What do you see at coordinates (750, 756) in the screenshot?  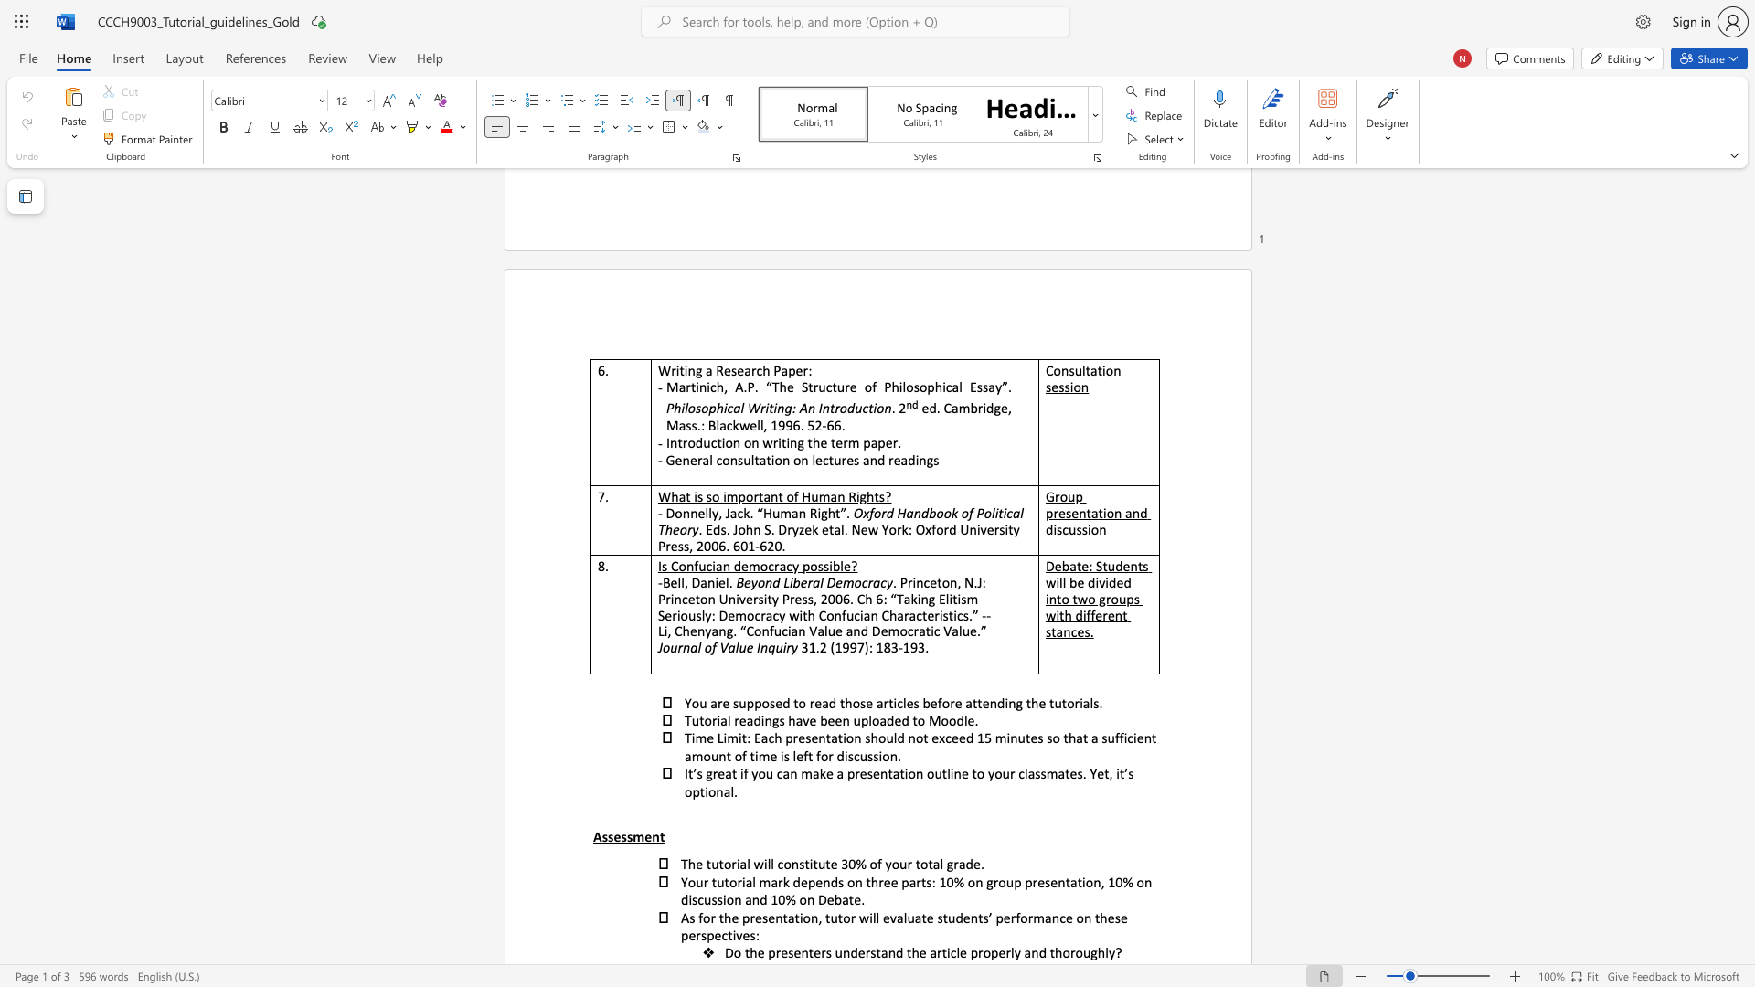 I see `the subset text "time is left f" within the text "Time Limit: Each presentation should not exceed 15 minutes so that a sufficient amount of time is left for discussion."` at bounding box center [750, 756].